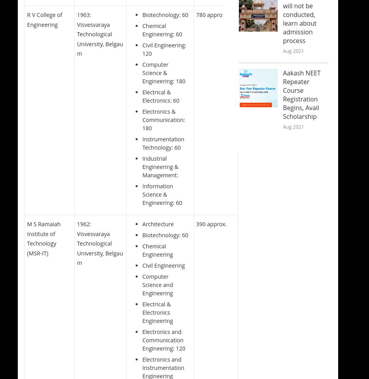 This screenshot has height=379, width=369. Describe the element at coordinates (161, 167) in the screenshot. I see `'Industrial Engineering & Management:'` at that location.